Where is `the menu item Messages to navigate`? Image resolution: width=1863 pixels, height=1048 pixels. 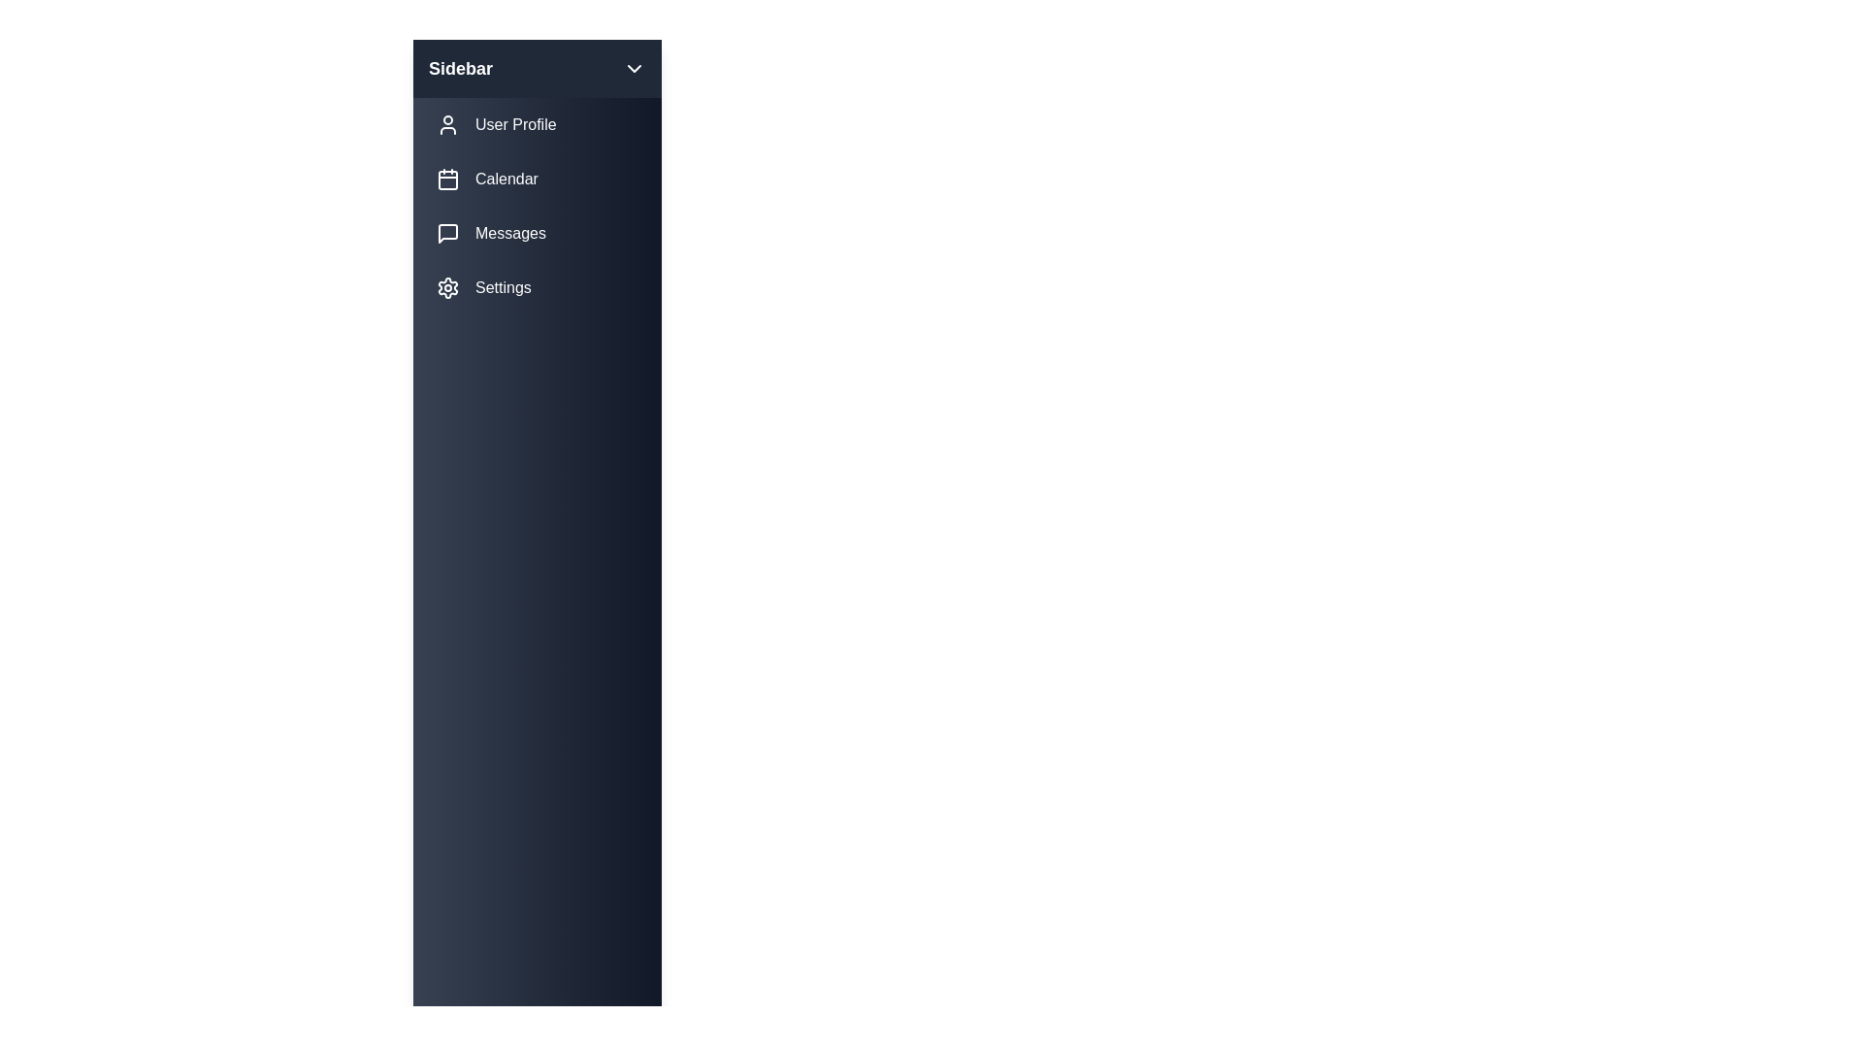 the menu item Messages to navigate is located at coordinates (537, 232).